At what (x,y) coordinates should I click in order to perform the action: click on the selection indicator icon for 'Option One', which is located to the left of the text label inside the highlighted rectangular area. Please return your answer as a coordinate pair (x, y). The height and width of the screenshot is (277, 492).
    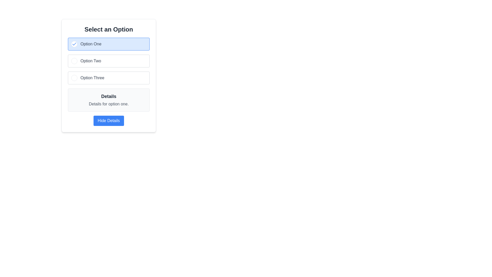
    Looking at the image, I should click on (74, 43).